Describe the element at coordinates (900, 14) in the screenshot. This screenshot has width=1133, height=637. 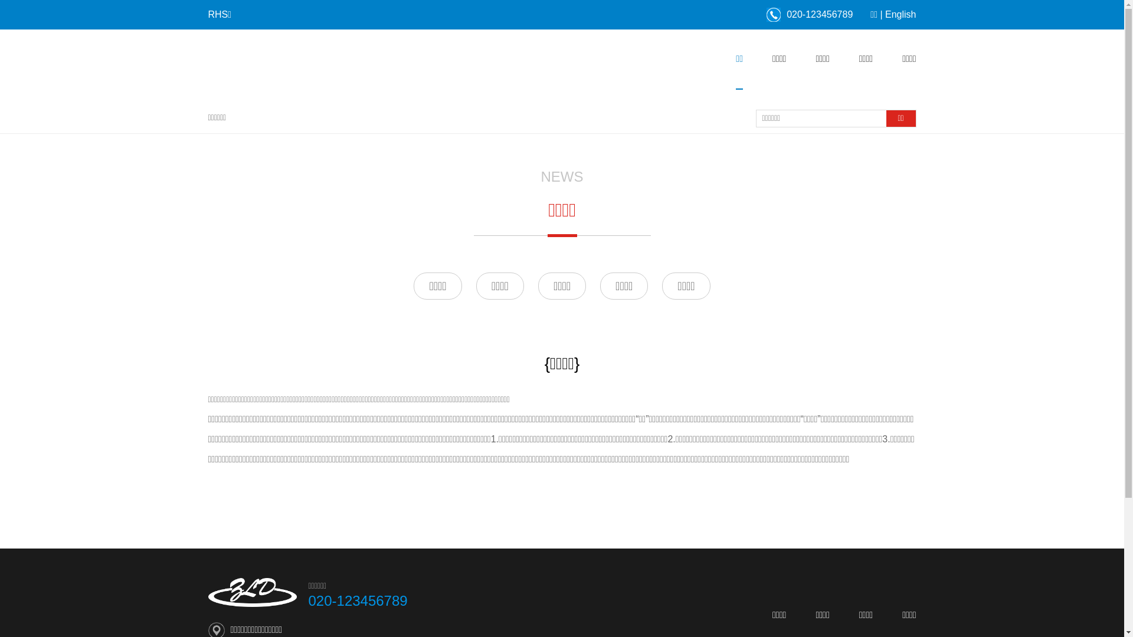
I see `'English'` at that location.